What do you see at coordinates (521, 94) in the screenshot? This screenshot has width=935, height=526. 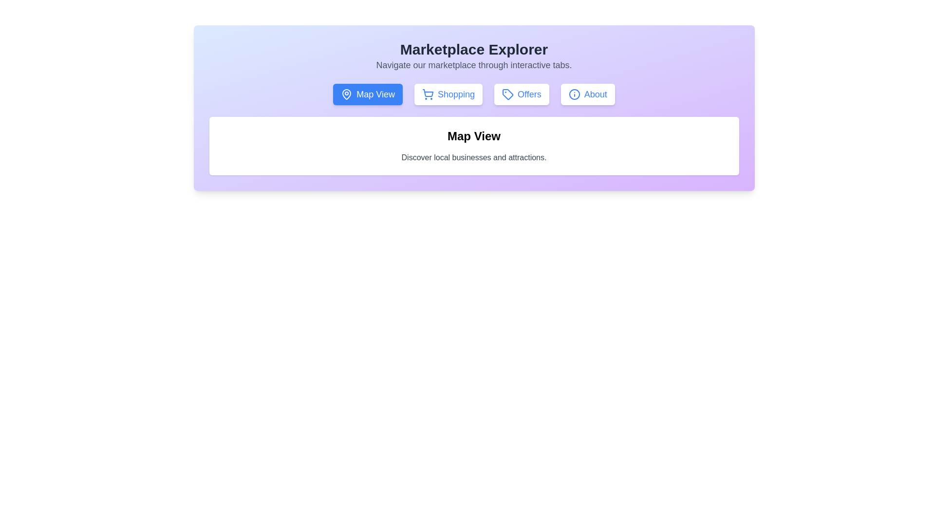 I see `the tab labeled Offers` at bounding box center [521, 94].